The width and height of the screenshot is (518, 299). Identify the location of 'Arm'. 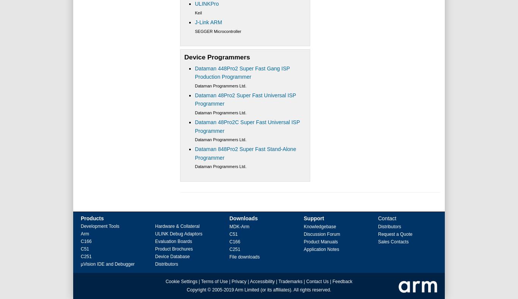
(85, 234).